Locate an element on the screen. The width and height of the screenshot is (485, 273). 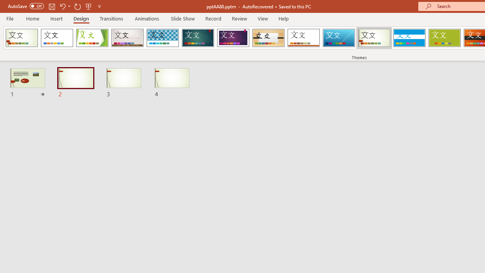
'Ion Boardroom Loading Preview...' is located at coordinates (233, 38).